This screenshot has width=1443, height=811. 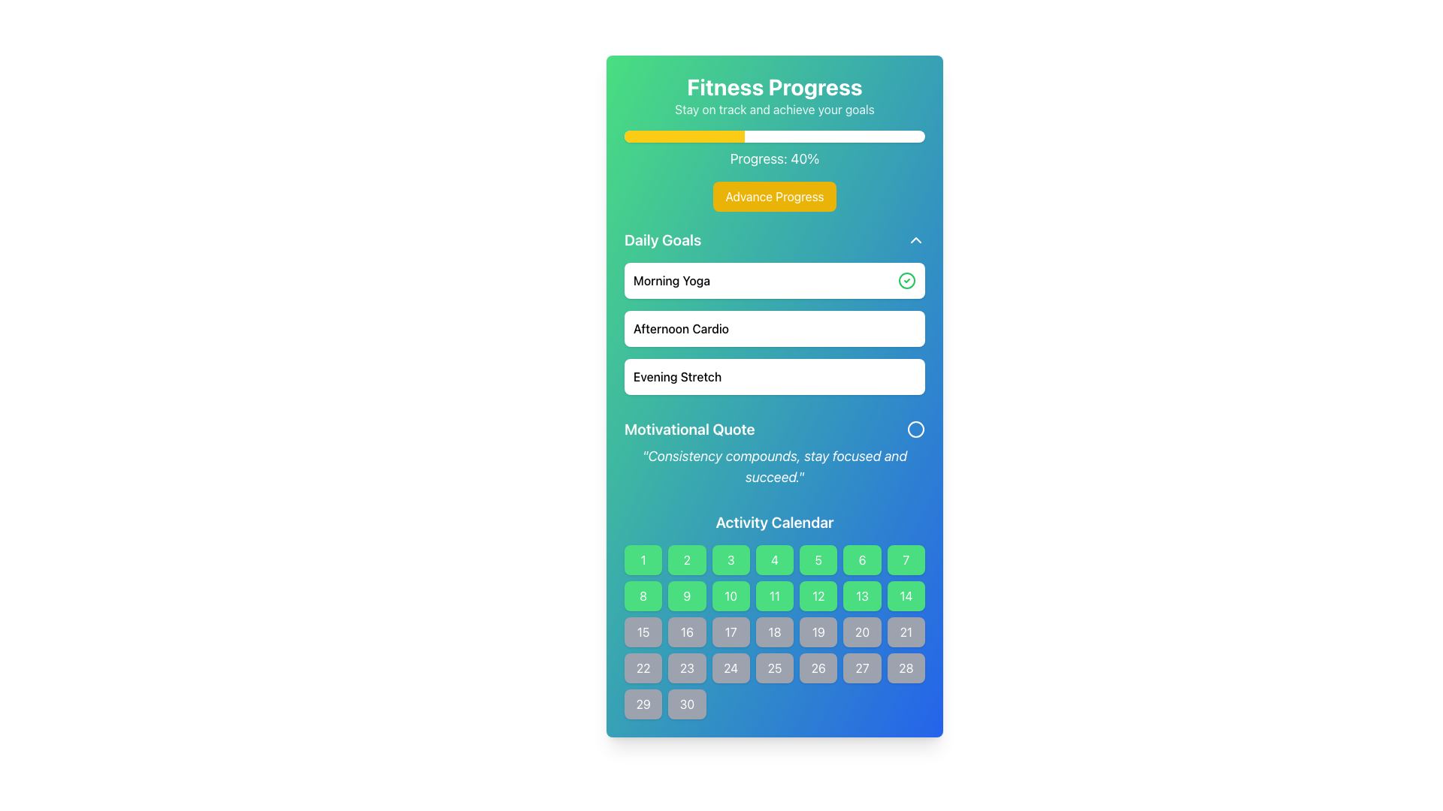 I want to click on the second List Item in the 'Daily Goals' section, which displays 'Afternoon Cardio', so click(x=775, y=328).